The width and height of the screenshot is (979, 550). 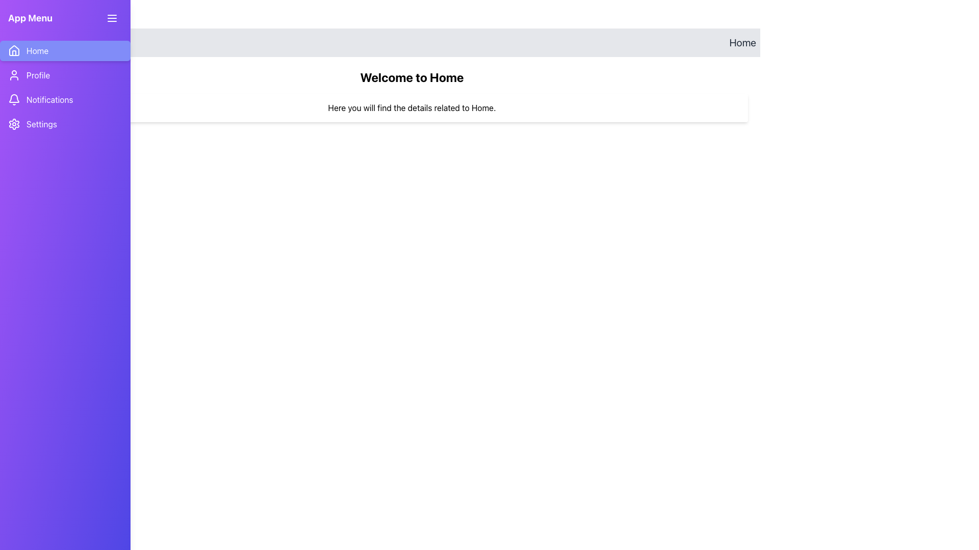 What do you see at coordinates (14, 98) in the screenshot?
I see `the notification bell icon represented as an SVG image component within the sidebar navigation menu, which is styled with white lines on a purple background` at bounding box center [14, 98].